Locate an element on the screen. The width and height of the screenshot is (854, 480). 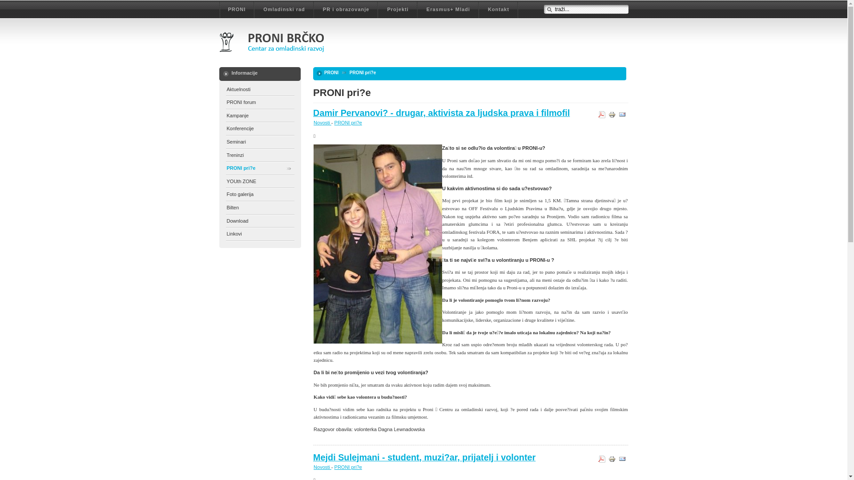
'Download' is located at coordinates (260, 221).